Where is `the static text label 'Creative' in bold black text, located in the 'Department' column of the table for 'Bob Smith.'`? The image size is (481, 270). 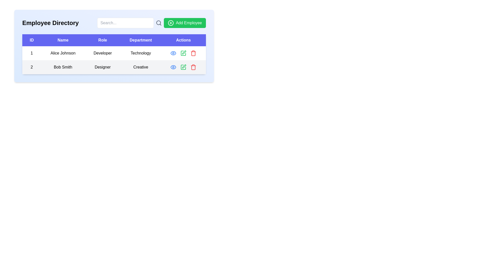
the static text label 'Creative' in bold black text, located in the 'Department' column of the table for 'Bob Smith.' is located at coordinates (140, 67).